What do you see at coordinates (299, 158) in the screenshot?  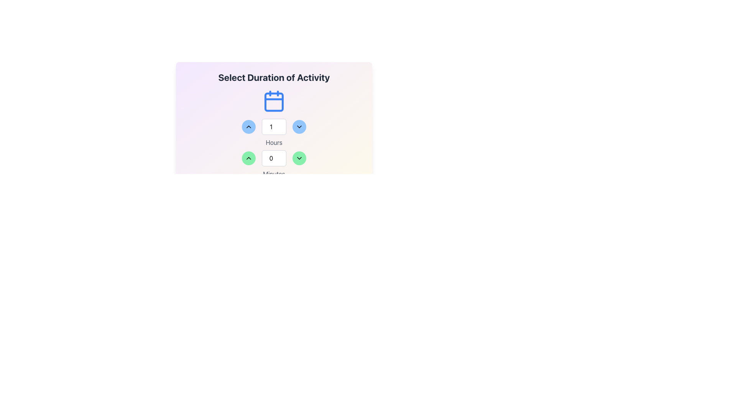 I see `the circular green button with a downward arrow icon, located at the rightmost position in a row of minute selection controls` at bounding box center [299, 158].